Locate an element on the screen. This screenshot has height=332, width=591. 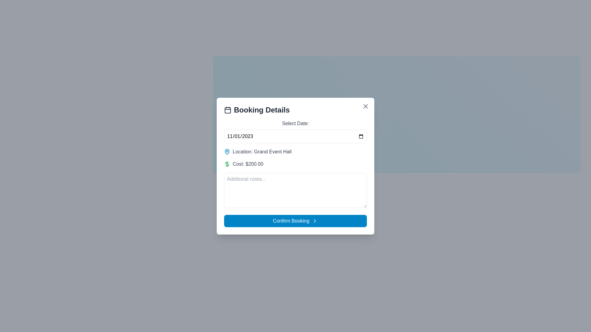
the text label reading 'Select Date:' which is situated at the top of the booking details form, above the date input field is located at coordinates (295, 123).